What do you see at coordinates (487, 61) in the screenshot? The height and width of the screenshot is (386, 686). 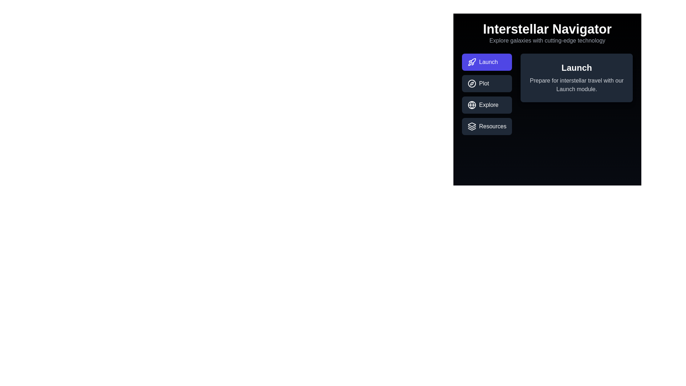 I see `the tab labeled Launch to view its content` at bounding box center [487, 61].